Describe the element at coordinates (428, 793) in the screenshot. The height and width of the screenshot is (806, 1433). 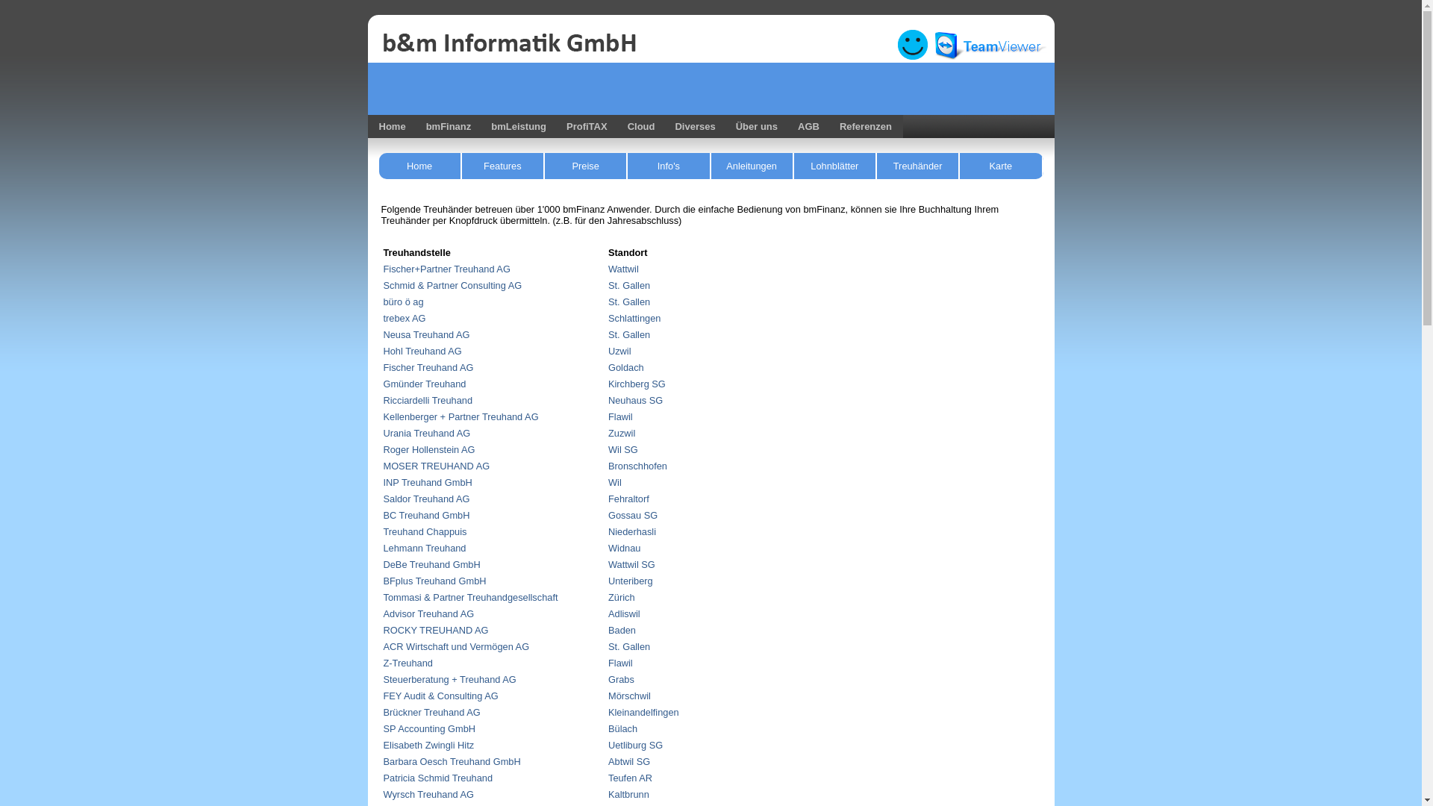
I see `'Wyrsch Treuhand AG'` at that location.